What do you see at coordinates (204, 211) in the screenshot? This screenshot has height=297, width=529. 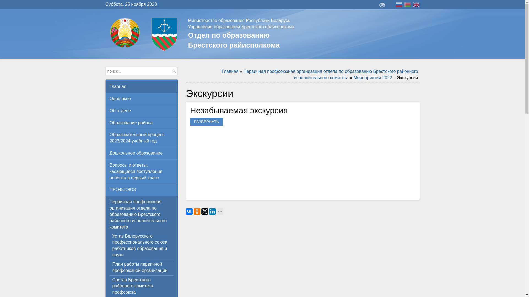 I see `'Twitter'` at bounding box center [204, 211].